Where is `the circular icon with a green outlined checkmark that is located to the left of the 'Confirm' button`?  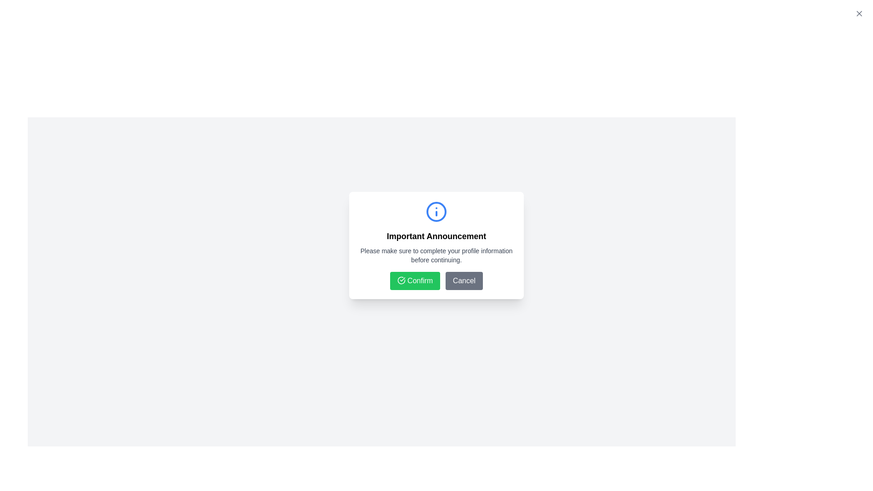
the circular icon with a green outlined checkmark that is located to the left of the 'Confirm' button is located at coordinates (401, 280).